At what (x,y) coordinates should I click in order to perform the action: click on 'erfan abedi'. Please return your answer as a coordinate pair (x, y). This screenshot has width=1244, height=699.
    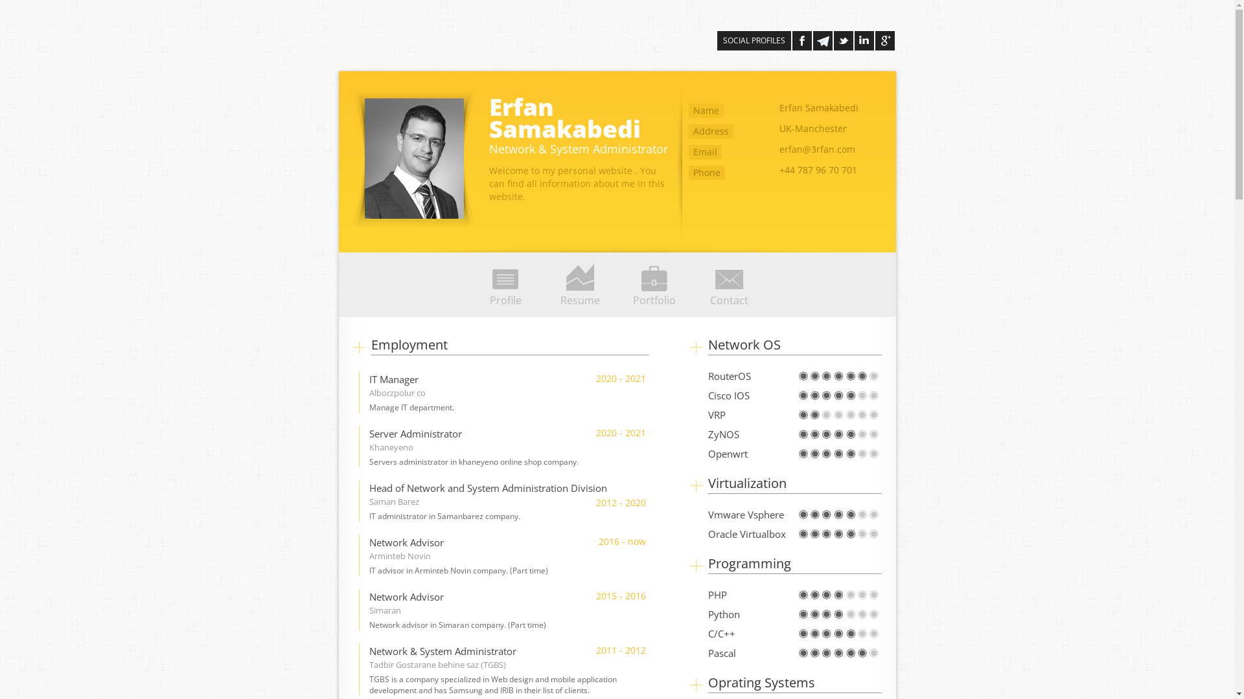
    Looking at the image, I should click on (413, 158).